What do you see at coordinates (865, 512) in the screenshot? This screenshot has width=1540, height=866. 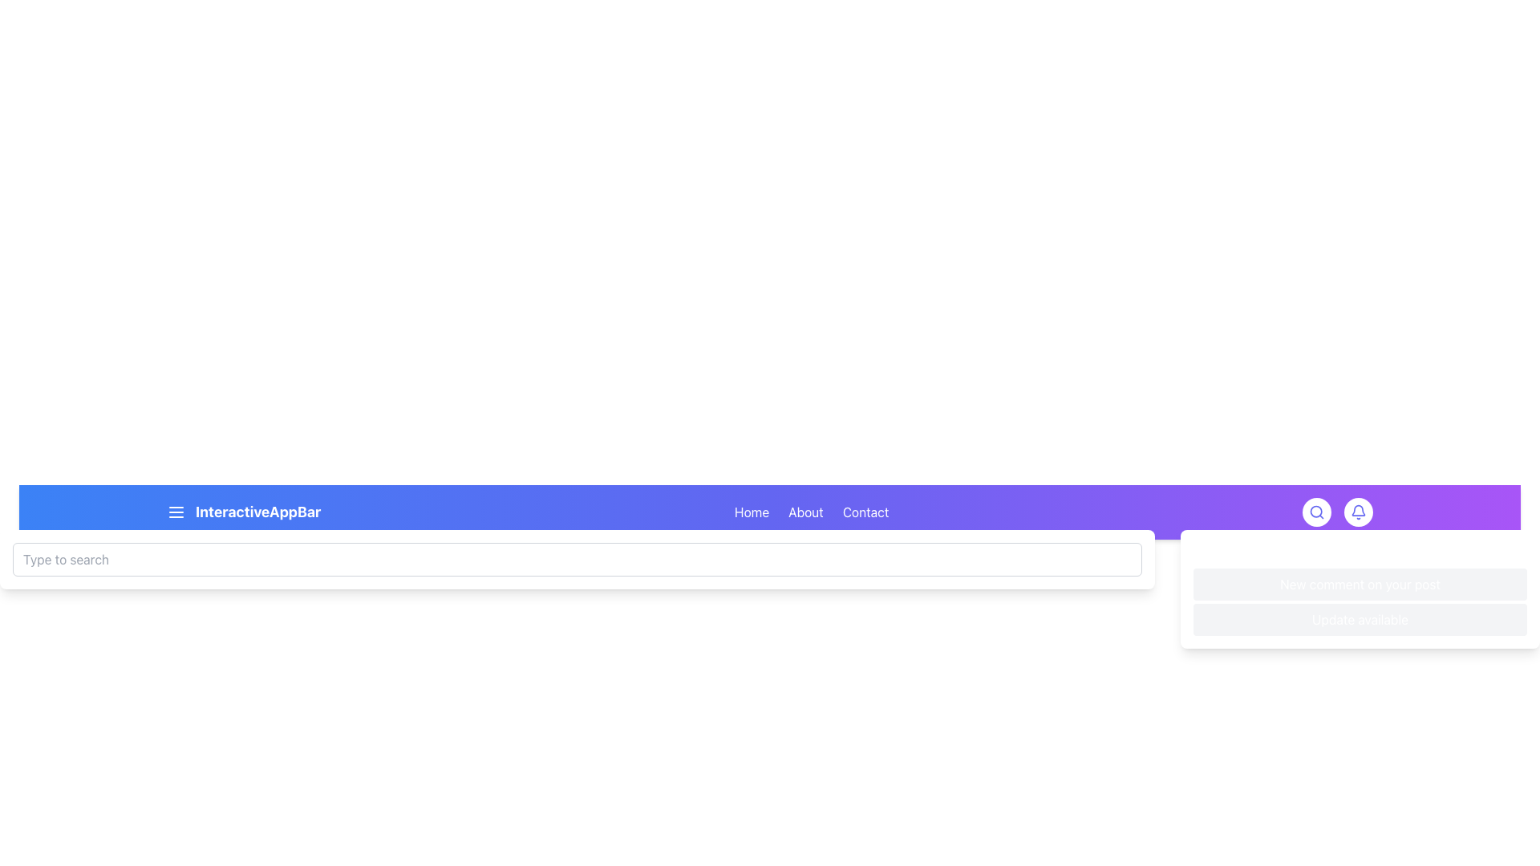 I see `the third navigation link in the top-right section of the interface` at bounding box center [865, 512].